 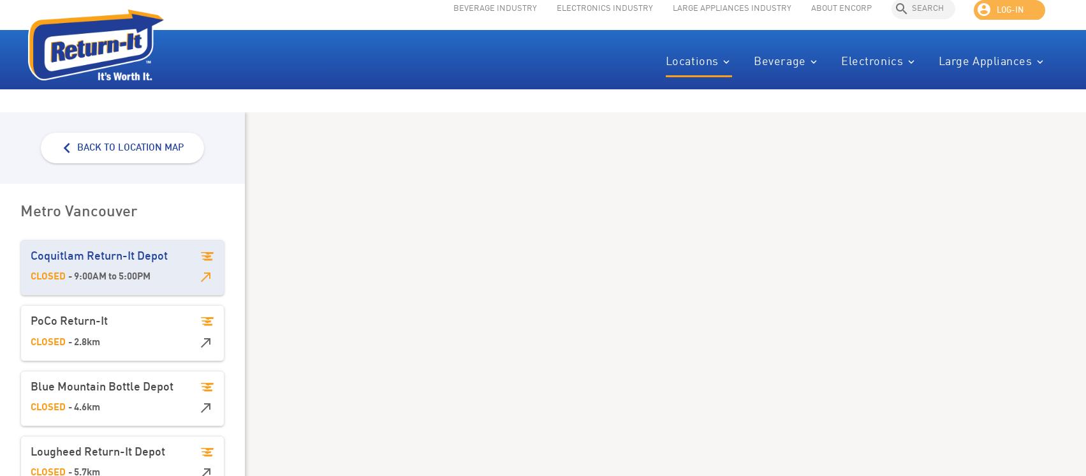 I want to click on 'Appliances Industry', so click(x=700, y=19).